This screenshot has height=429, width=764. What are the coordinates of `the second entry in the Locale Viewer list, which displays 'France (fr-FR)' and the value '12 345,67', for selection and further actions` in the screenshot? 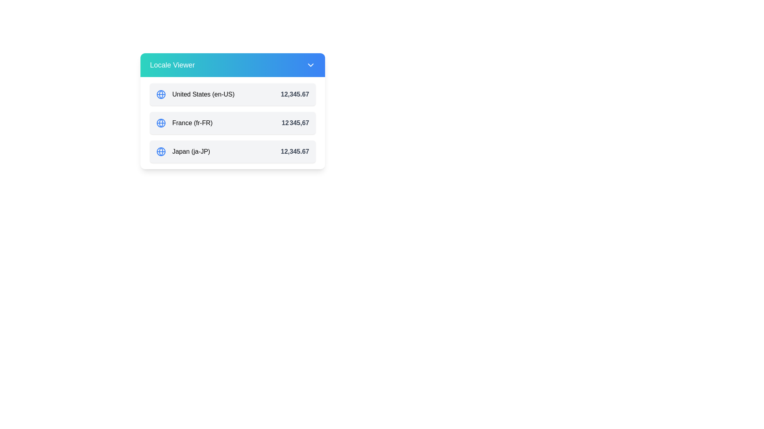 It's located at (232, 123).